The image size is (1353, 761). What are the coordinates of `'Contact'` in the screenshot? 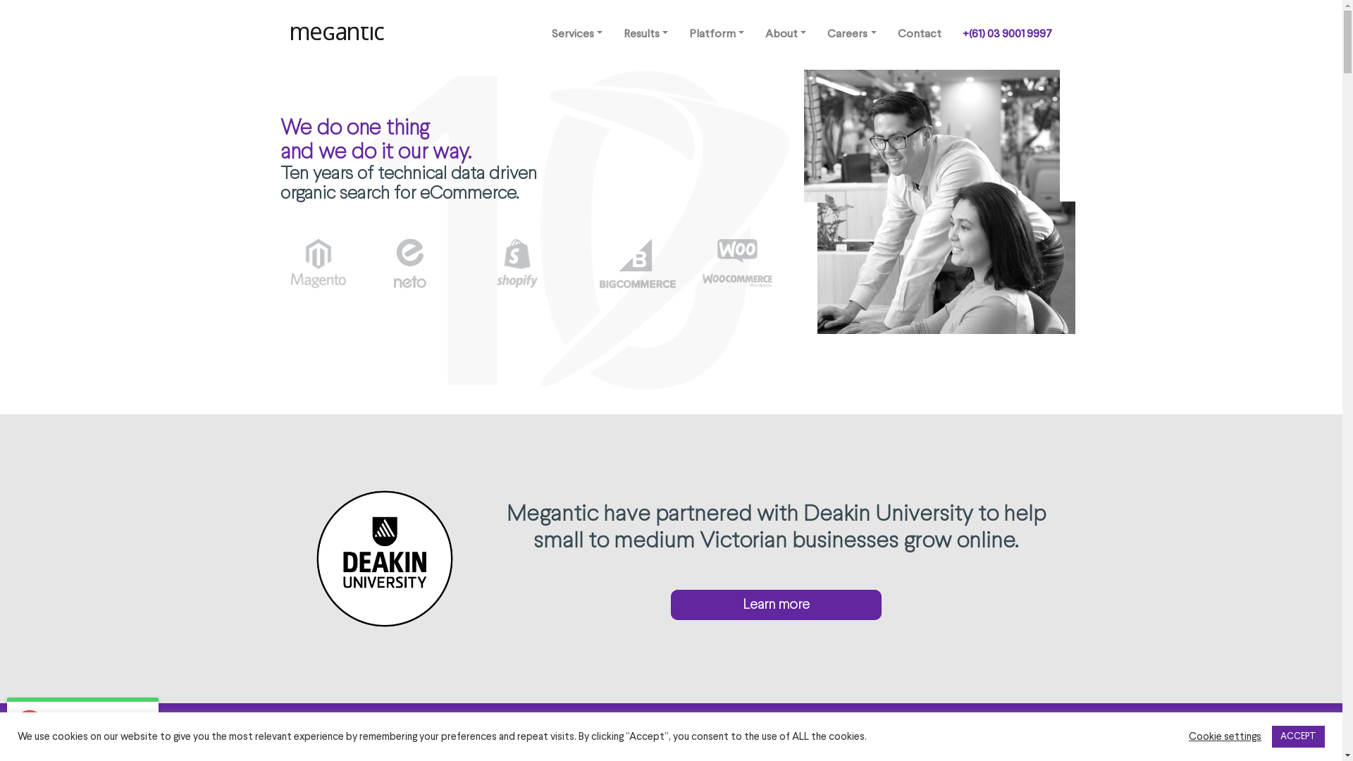 It's located at (919, 34).